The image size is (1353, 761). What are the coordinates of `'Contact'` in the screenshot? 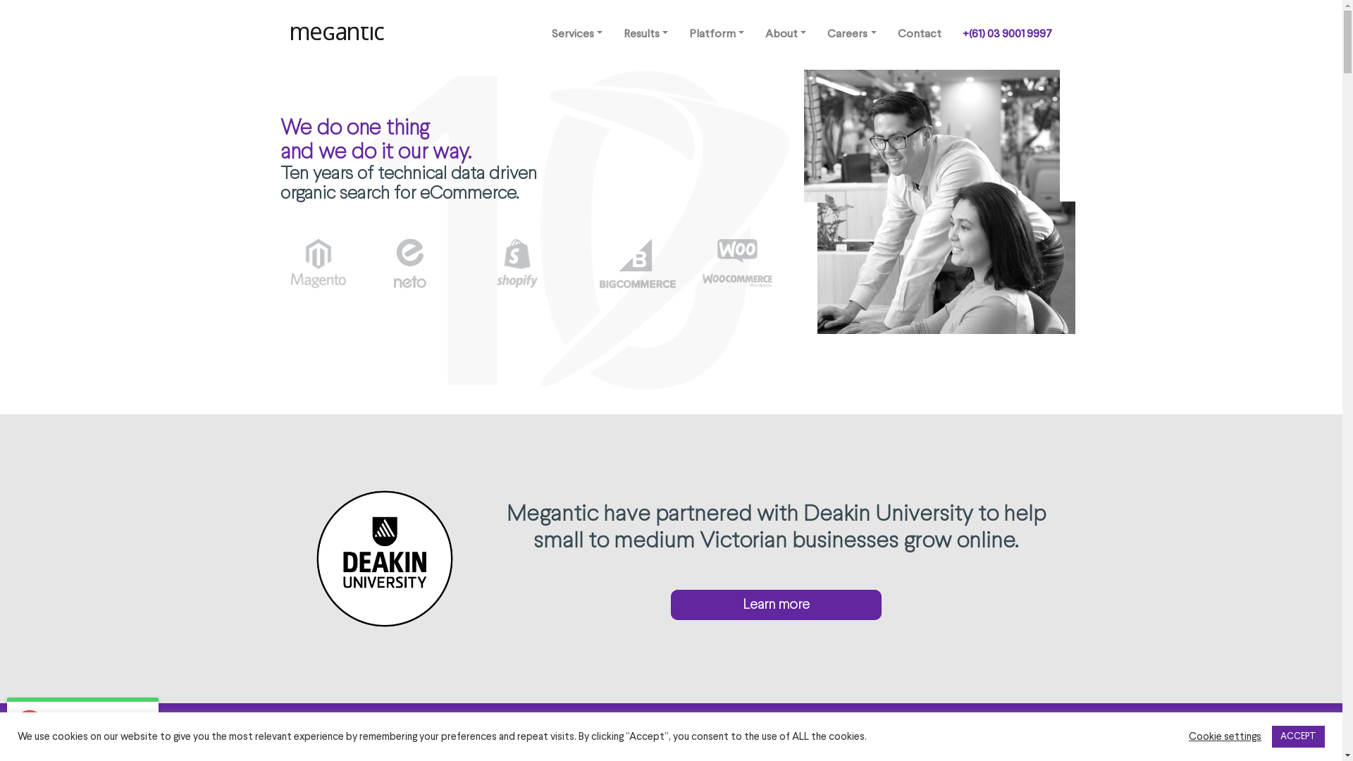 It's located at (919, 34).